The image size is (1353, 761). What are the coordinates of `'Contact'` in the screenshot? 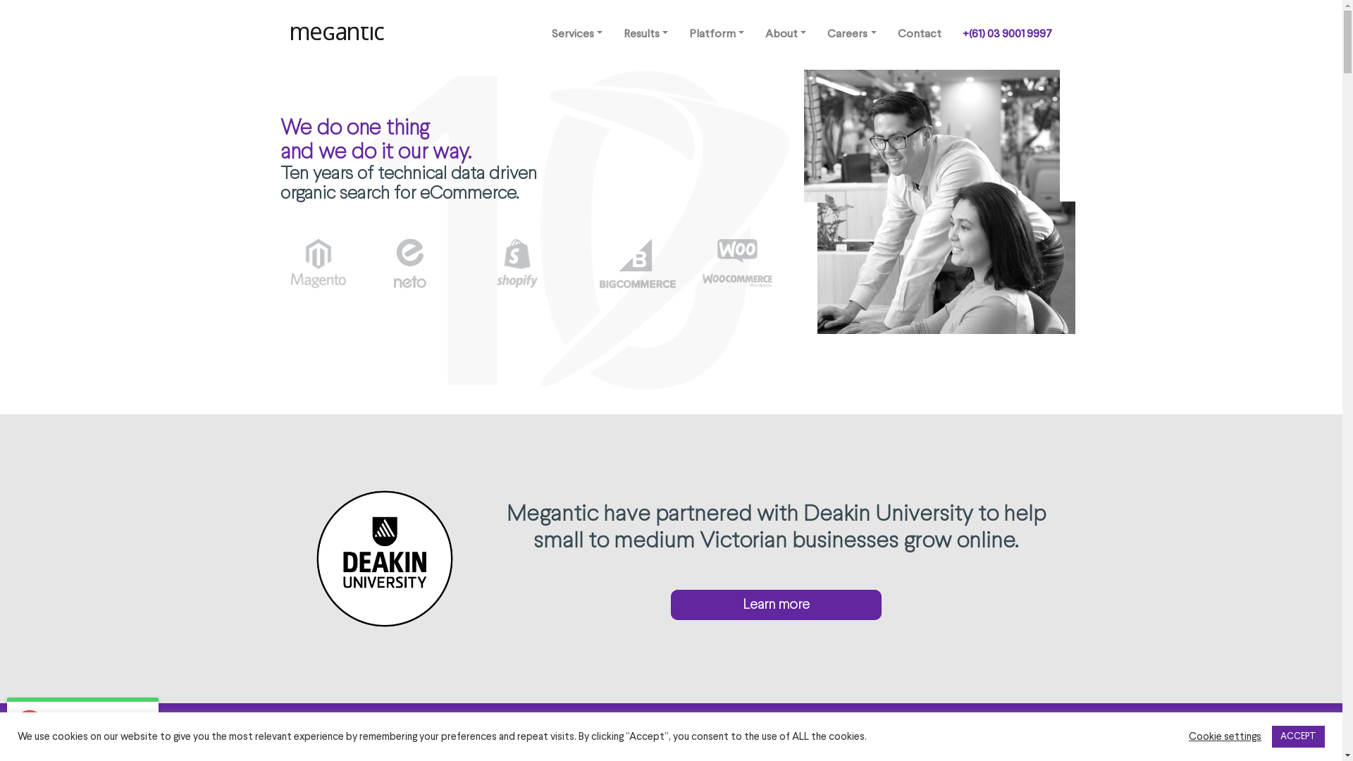 It's located at (919, 34).